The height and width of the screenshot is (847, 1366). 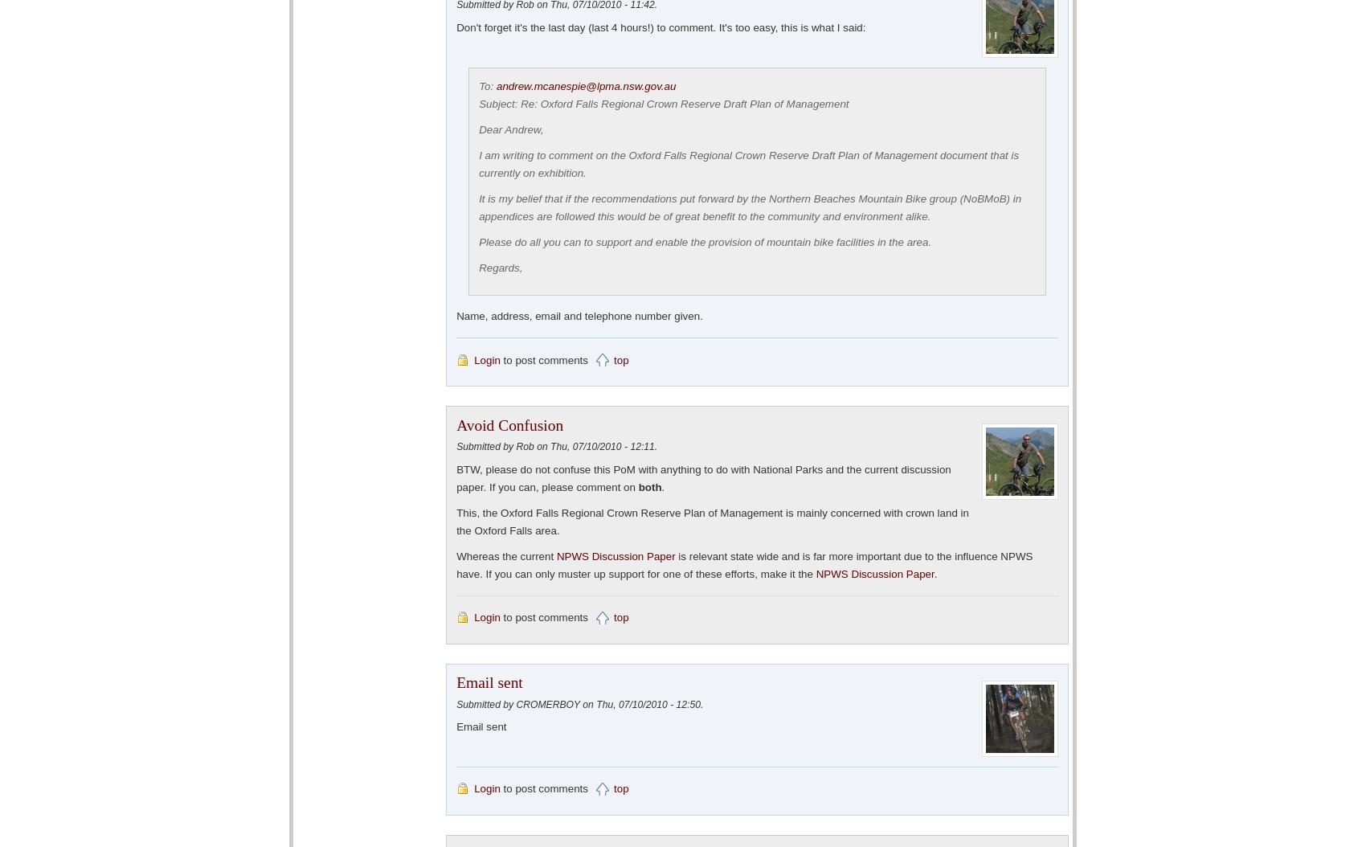 I want to click on 'Avoid Confusion', so click(x=455, y=424).